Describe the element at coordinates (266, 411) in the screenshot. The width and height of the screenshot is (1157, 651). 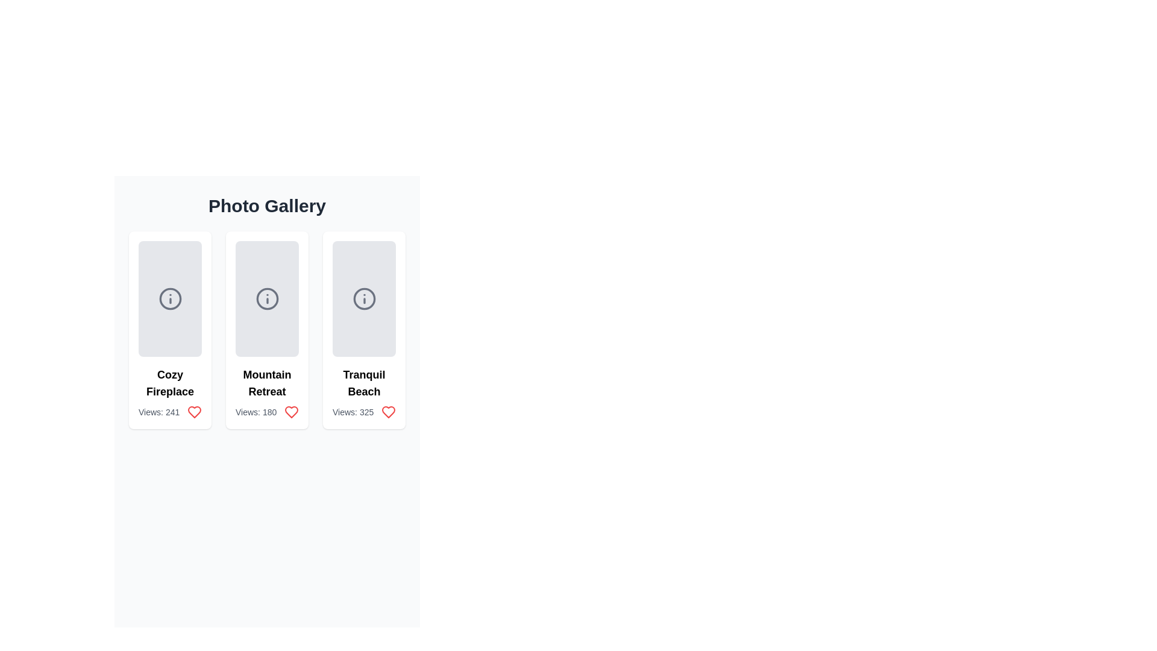
I see `the views text label for the item 'Mountain Retreat', which is located at the bottom section of the card and centered horizontally below the title` at that location.